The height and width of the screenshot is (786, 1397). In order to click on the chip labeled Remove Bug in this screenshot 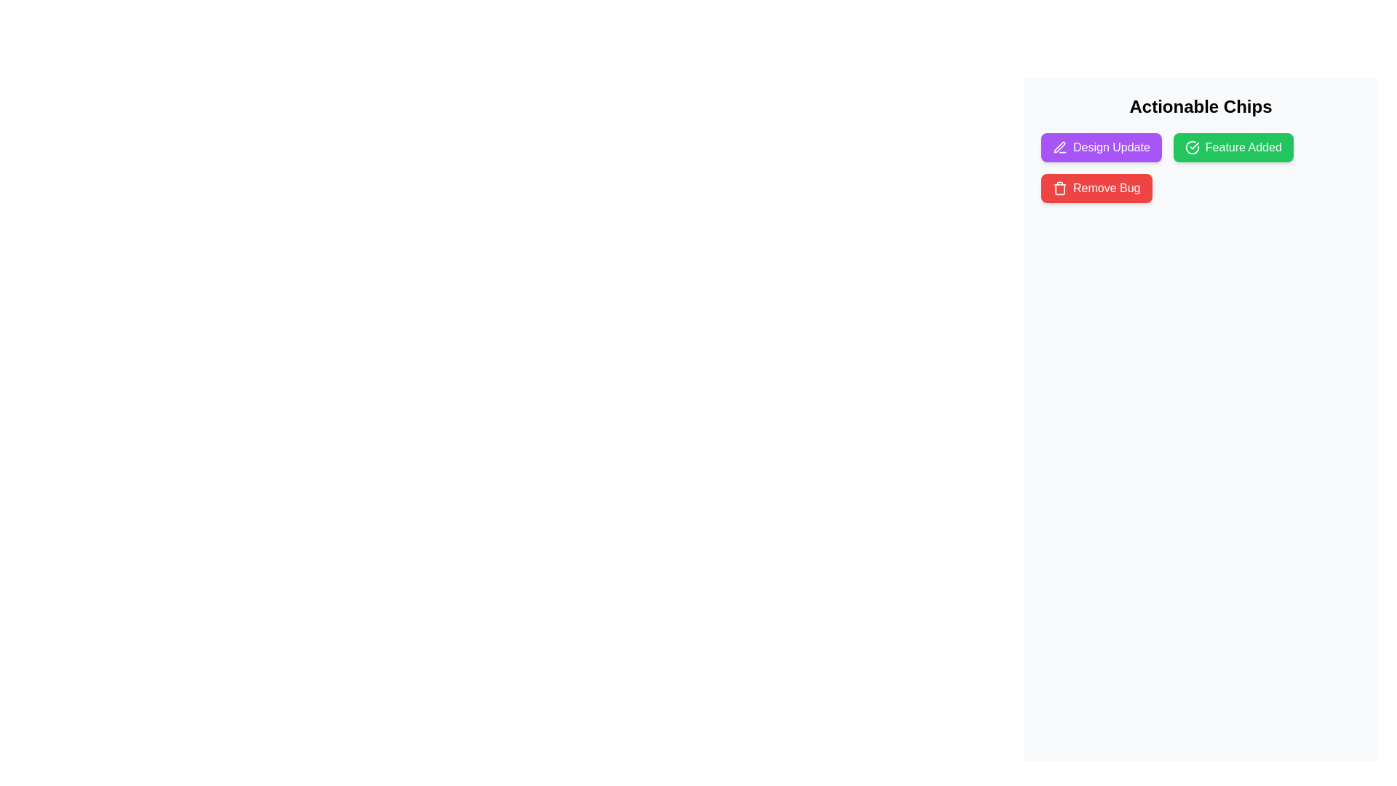, I will do `click(1096, 187)`.